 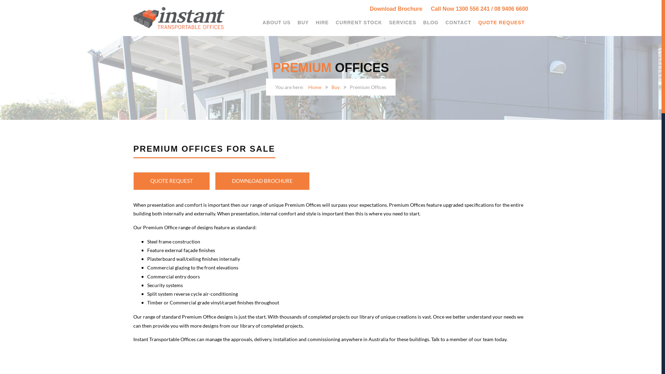 I want to click on 'CURRENT STOCK', so click(x=332, y=22).